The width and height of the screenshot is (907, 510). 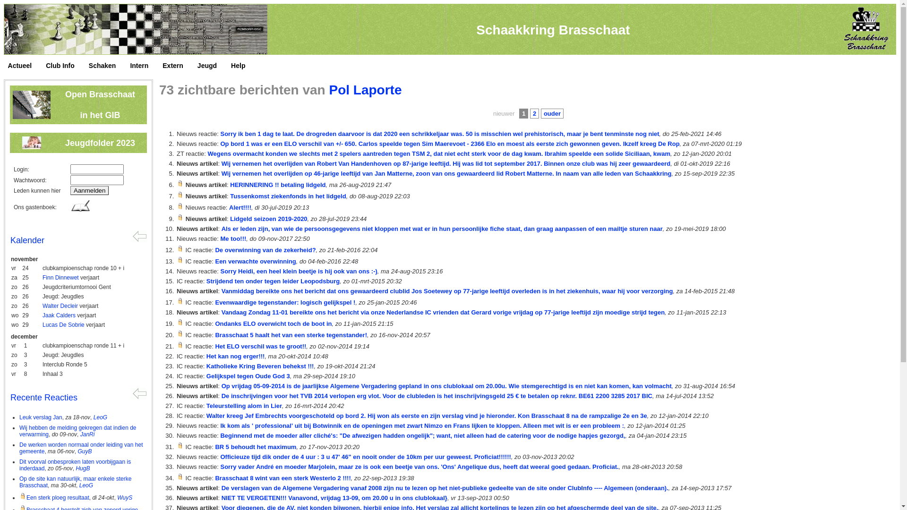 I want to click on 'Enkel zichtbaar voor clubleden', so click(x=180, y=183).